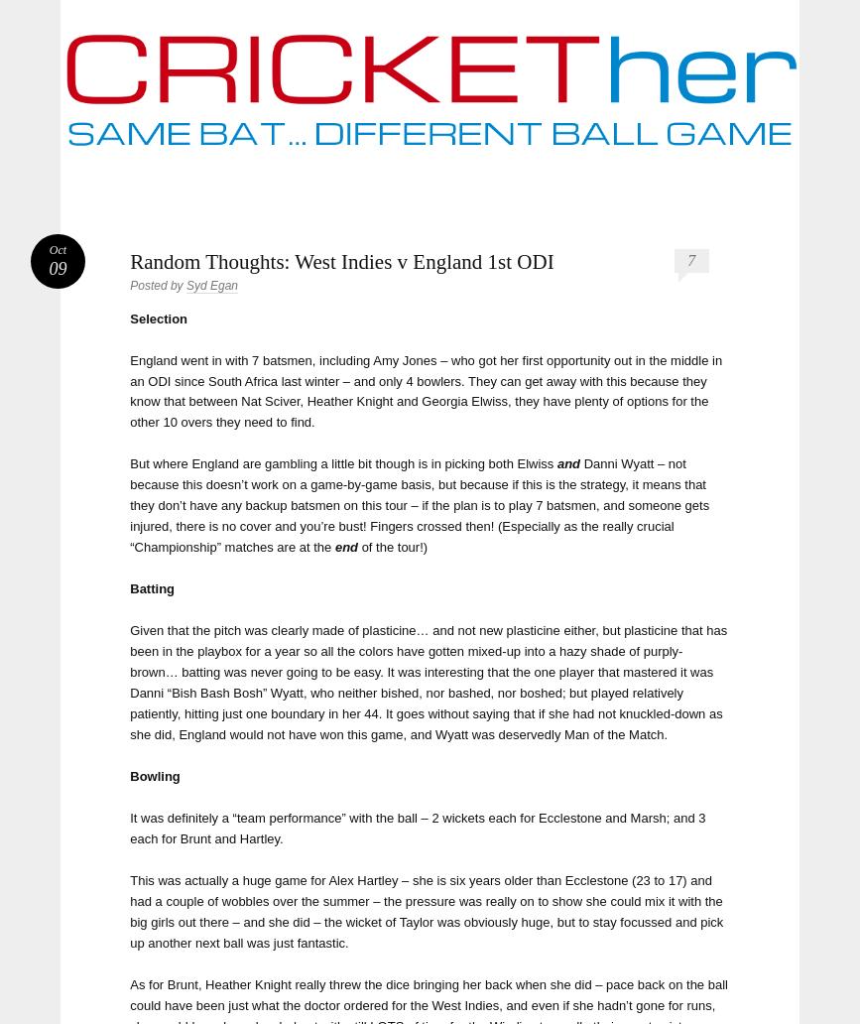 The height and width of the screenshot is (1024, 860). What do you see at coordinates (158, 284) in the screenshot?
I see `'Posted by'` at bounding box center [158, 284].